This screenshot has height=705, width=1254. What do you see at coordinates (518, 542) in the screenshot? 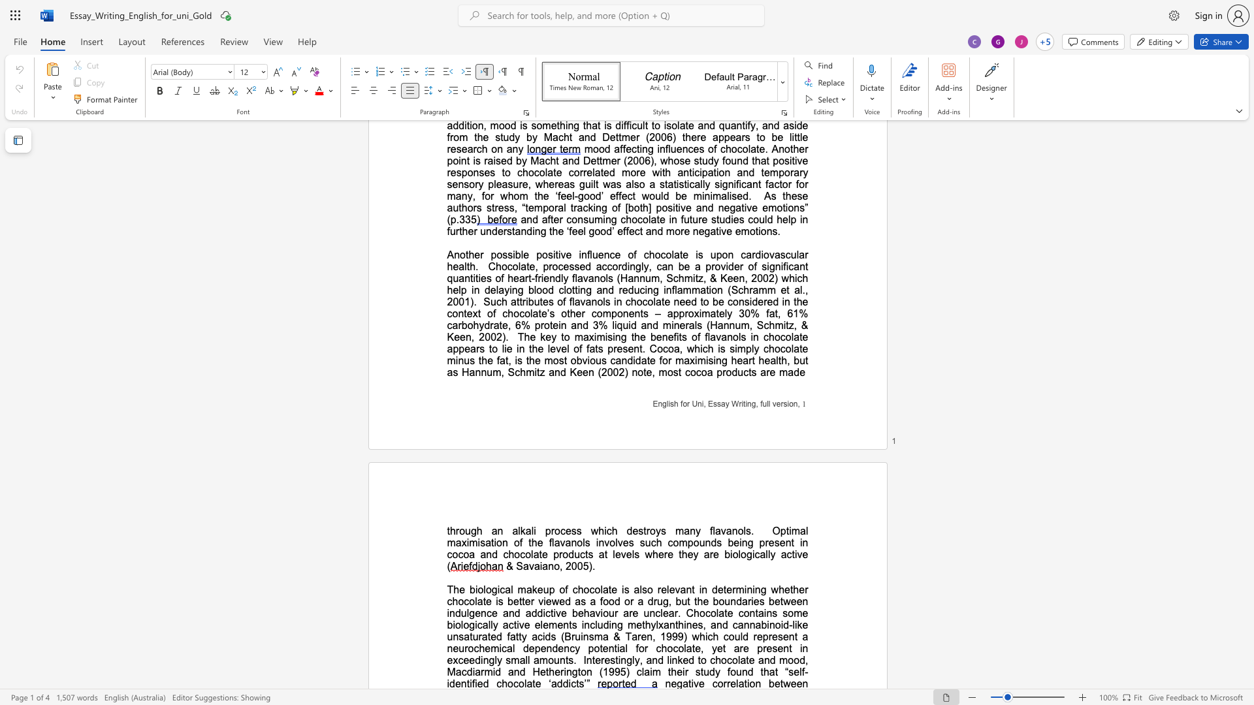
I see `the space between the continuous character "o" and "f" in the text` at bounding box center [518, 542].